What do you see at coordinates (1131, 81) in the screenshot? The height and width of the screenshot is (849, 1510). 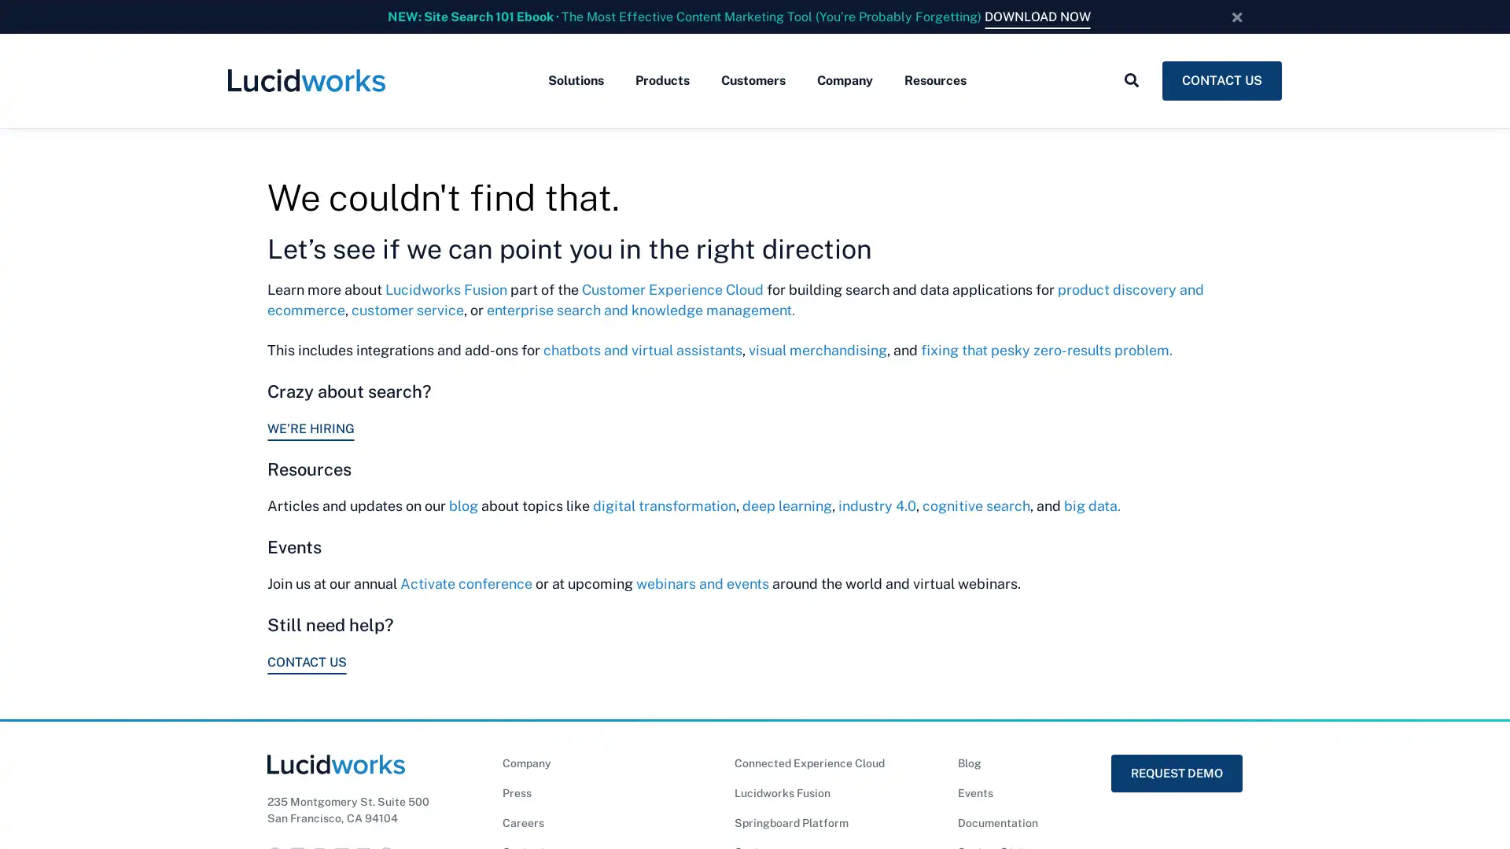 I see `TOGGLE DROPDOWN` at bounding box center [1131, 81].